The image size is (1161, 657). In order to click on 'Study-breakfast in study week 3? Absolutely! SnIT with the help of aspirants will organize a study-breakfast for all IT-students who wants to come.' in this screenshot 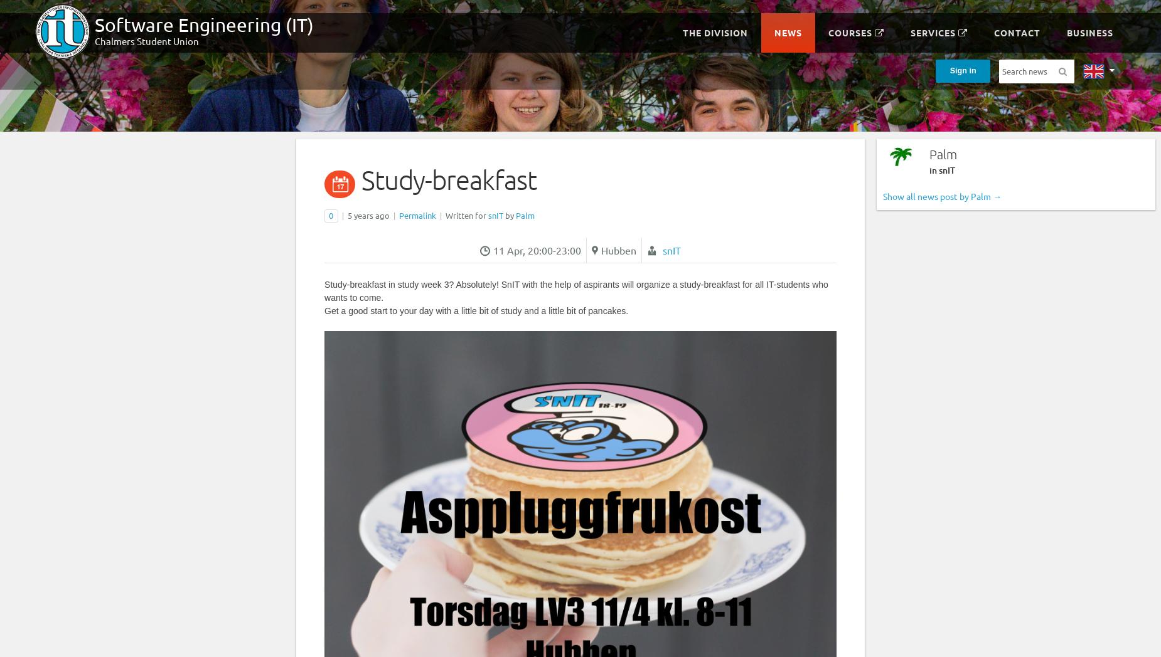, I will do `click(575, 290)`.